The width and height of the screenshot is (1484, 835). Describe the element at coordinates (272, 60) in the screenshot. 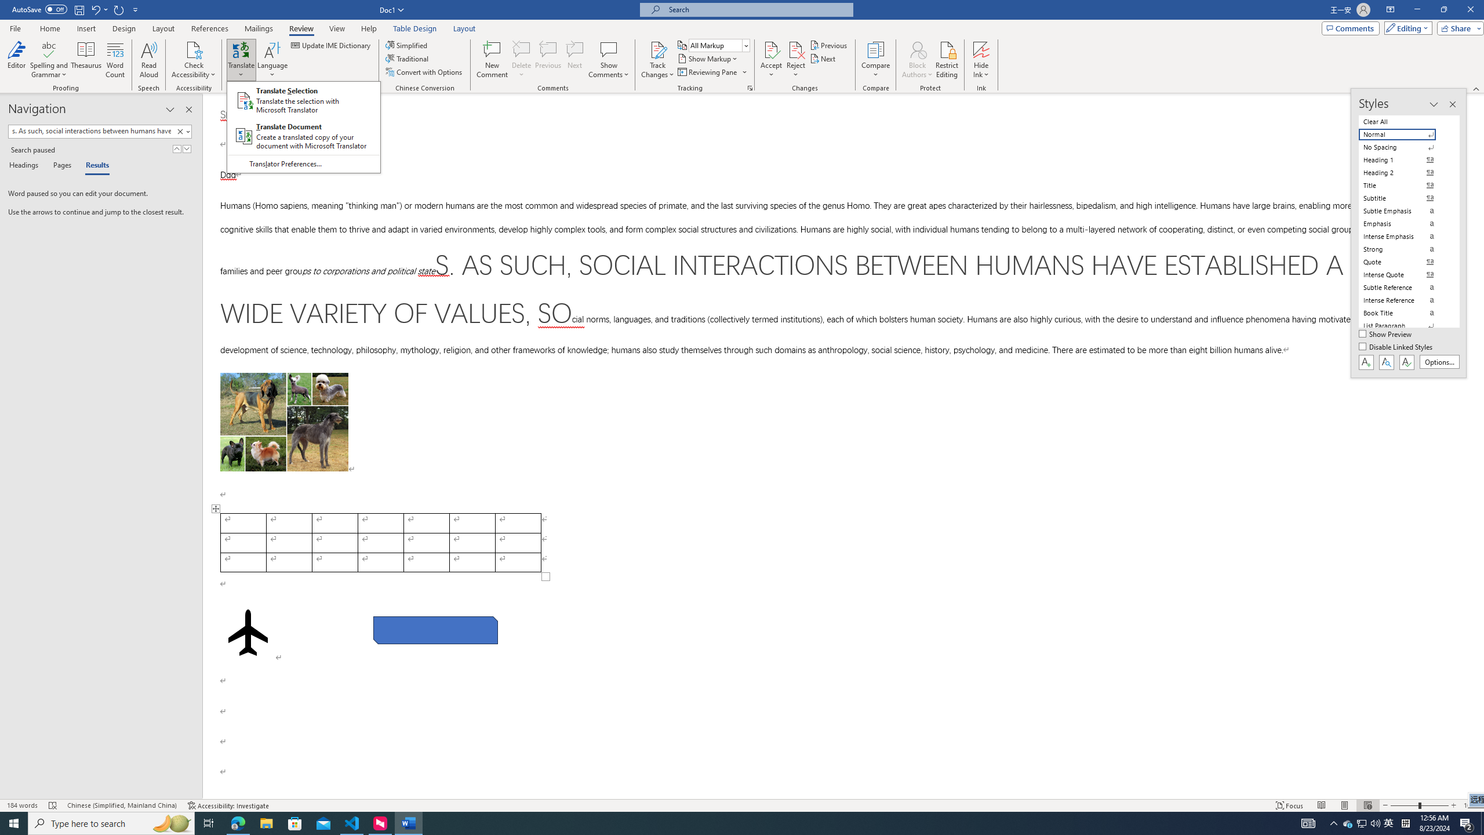

I see `'Tr&anslate'` at that location.